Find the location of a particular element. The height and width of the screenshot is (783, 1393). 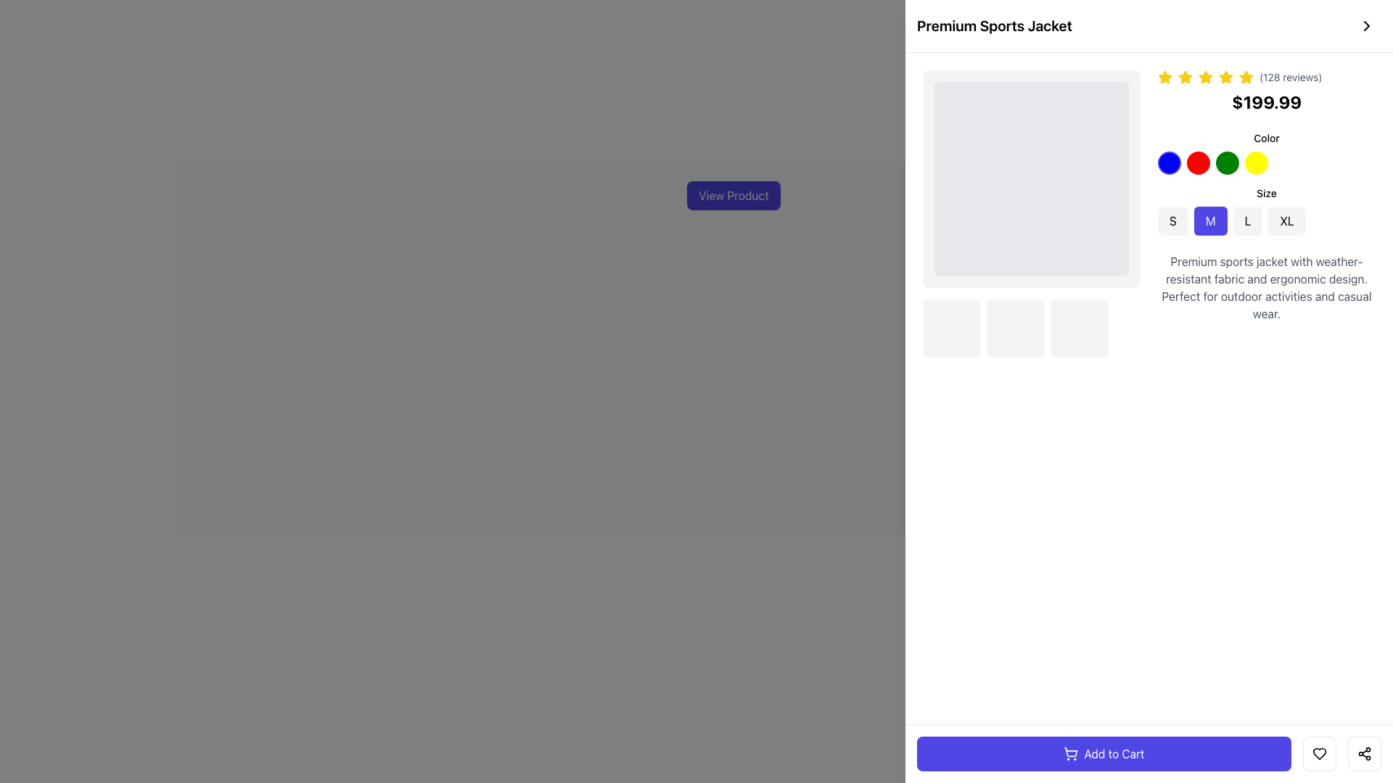

the heart-shaped icon outlined in black, located in the bottom-right corner of the interface is located at coordinates (1320, 753).